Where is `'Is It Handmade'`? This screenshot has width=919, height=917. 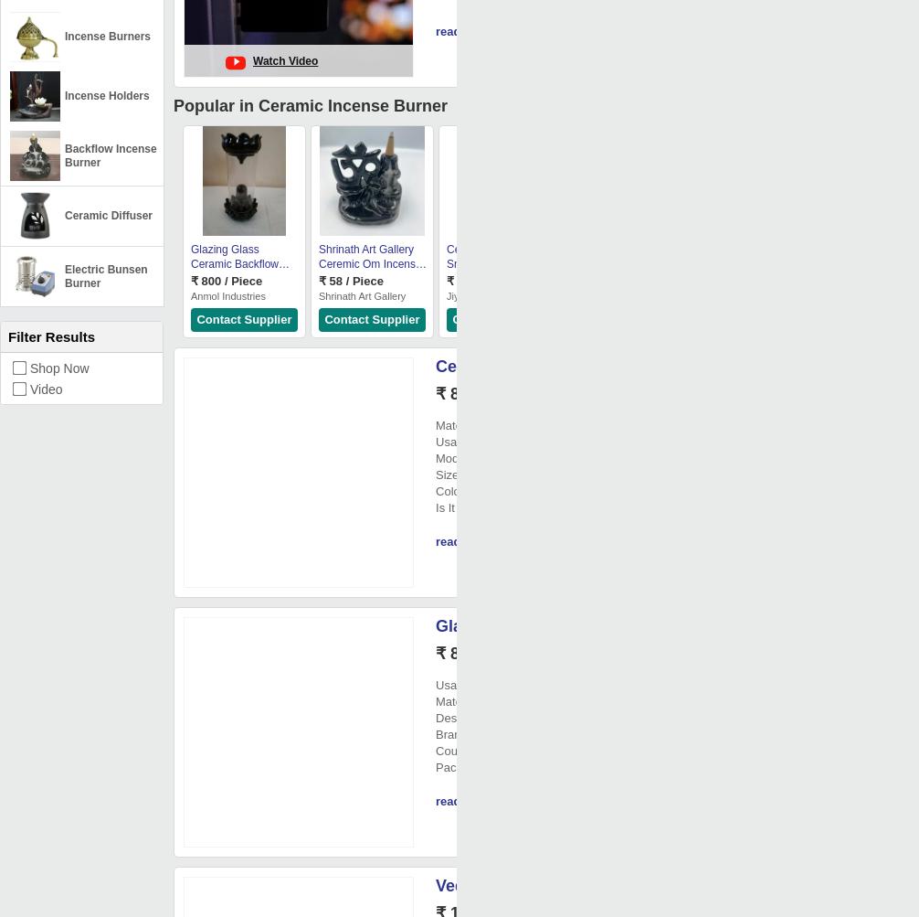
'Is It Handmade' is located at coordinates (435, 506).